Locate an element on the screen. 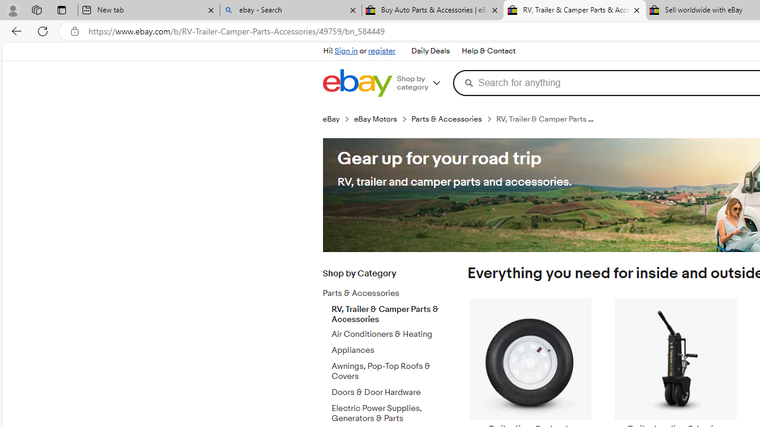  'eBay Motors' is located at coordinates (375, 119).